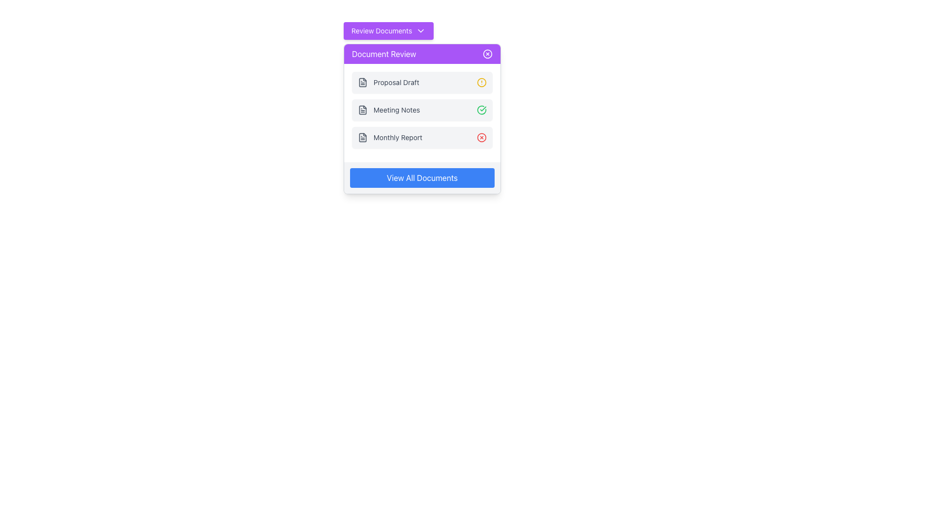 Image resolution: width=944 pixels, height=531 pixels. Describe the element at coordinates (362, 138) in the screenshot. I see `document icon representing the 'Monthly Report' entry located in the third row of the Document Review component` at that location.